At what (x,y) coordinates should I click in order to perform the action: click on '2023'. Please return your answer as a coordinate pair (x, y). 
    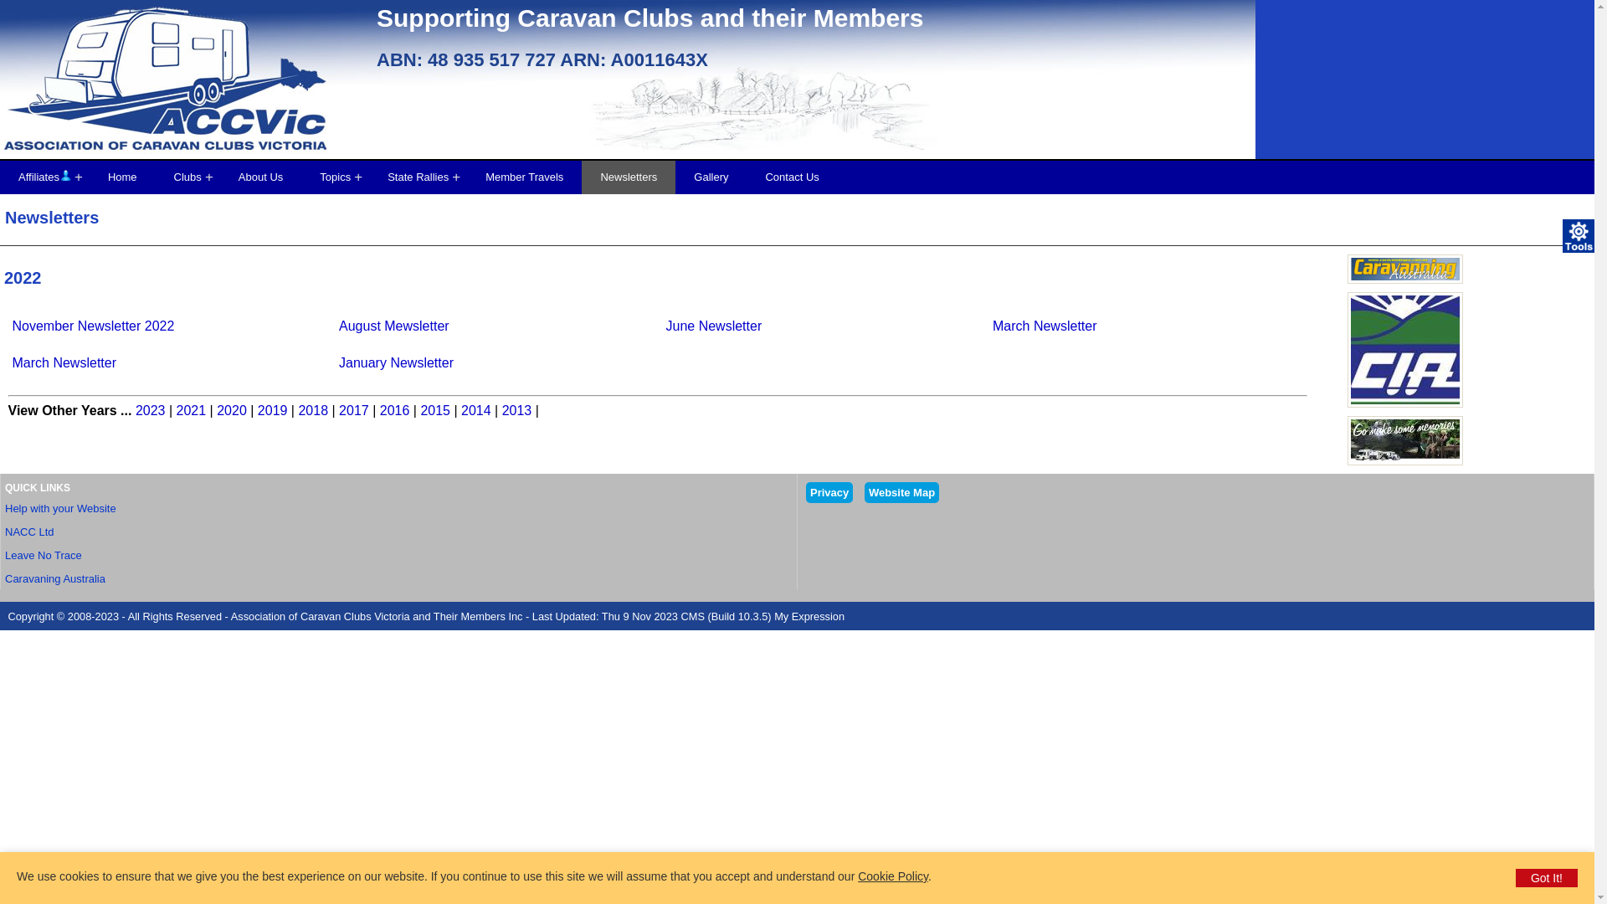
    Looking at the image, I should click on (151, 410).